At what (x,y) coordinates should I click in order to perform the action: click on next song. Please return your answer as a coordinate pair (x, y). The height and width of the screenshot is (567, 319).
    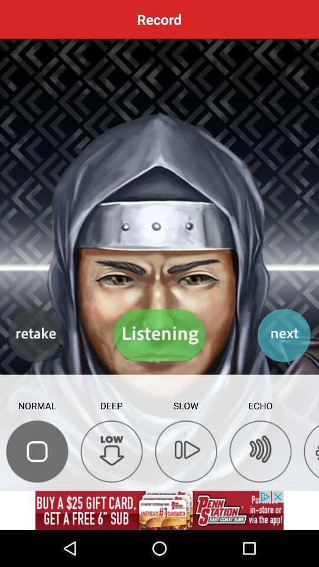
    Looking at the image, I should click on (283, 335).